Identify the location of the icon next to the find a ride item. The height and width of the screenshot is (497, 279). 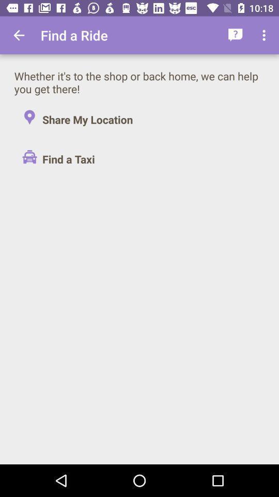
(235, 35).